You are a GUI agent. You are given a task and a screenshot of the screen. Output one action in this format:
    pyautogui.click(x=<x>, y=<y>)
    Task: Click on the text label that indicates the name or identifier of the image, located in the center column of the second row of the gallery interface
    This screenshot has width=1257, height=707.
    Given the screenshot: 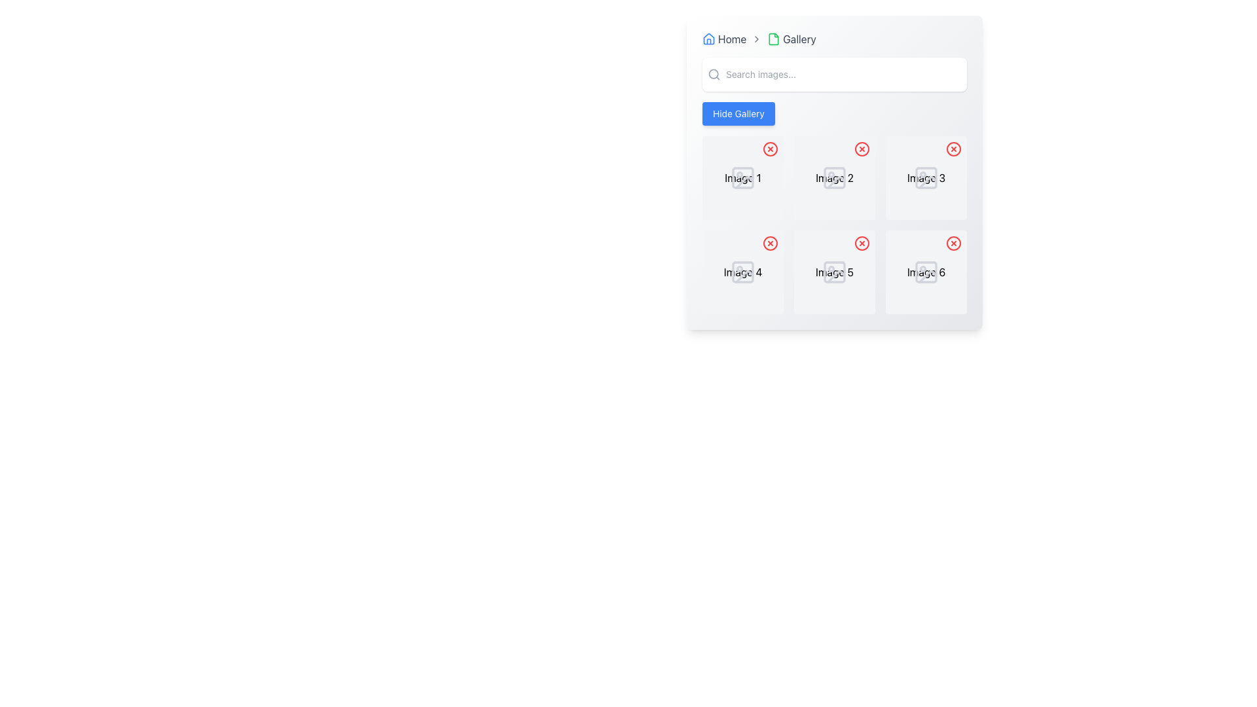 What is the action you would take?
    pyautogui.click(x=834, y=178)
    